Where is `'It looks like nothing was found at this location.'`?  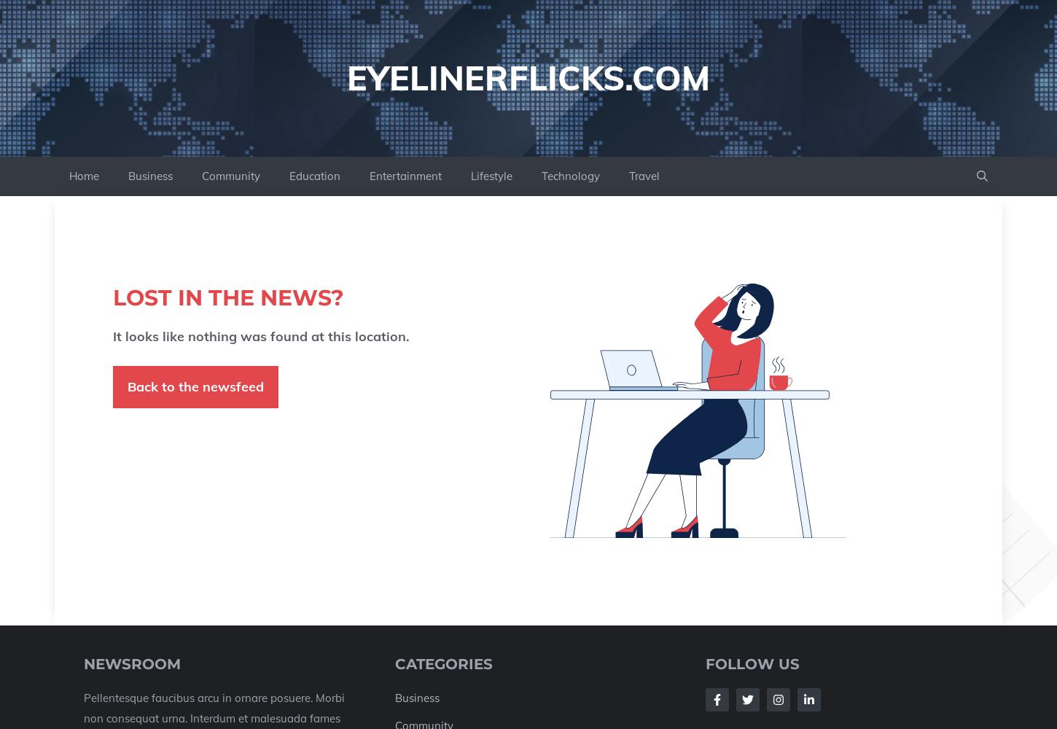
'It looks like nothing was found at this location.' is located at coordinates (261, 335).